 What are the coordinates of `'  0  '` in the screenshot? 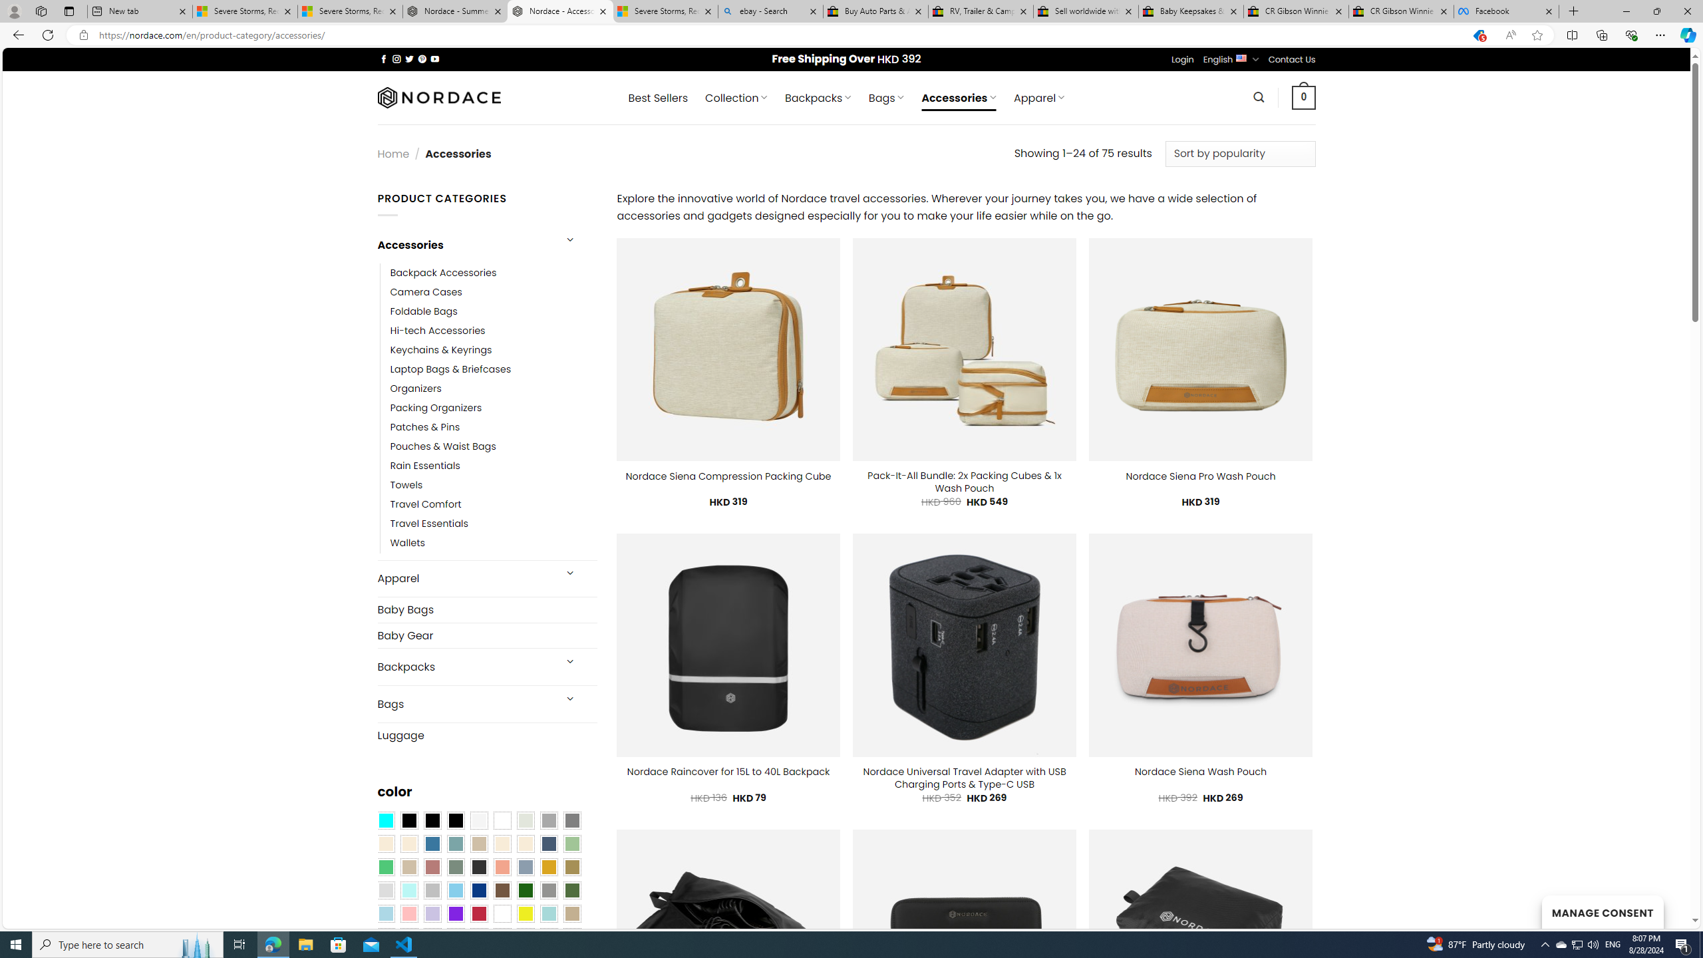 It's located at (1304, 96).